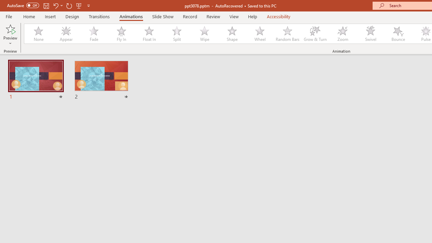 The width and height of the screenshot is (432, 243). I want to click on 'Save', so click(46, 5).